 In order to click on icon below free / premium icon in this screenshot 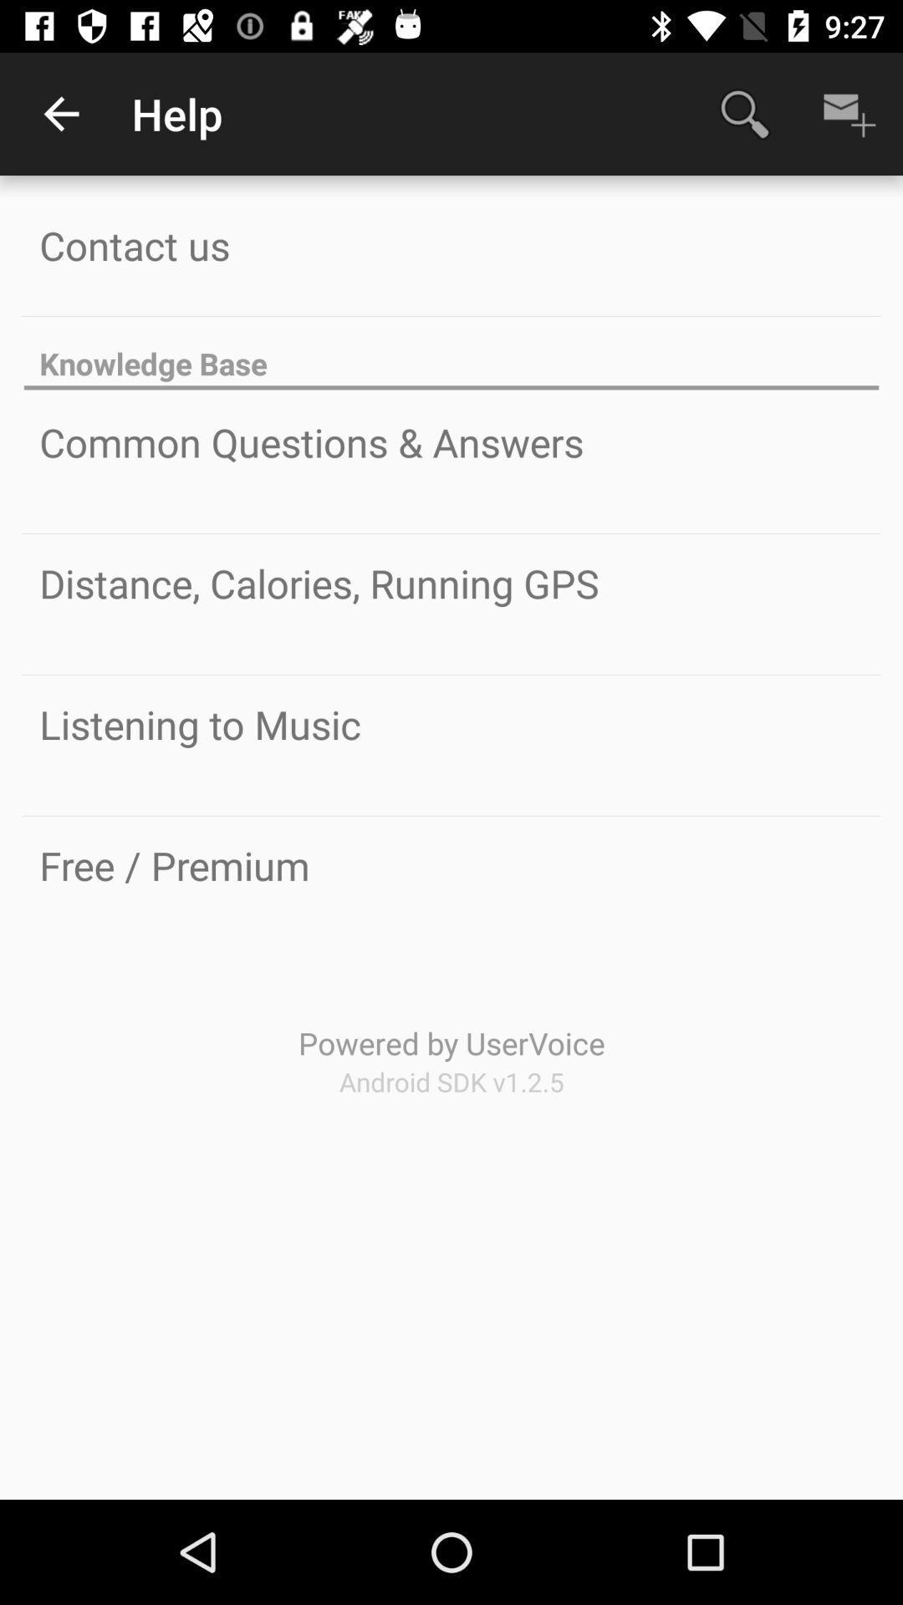, I will do `click(451, 1042)`.